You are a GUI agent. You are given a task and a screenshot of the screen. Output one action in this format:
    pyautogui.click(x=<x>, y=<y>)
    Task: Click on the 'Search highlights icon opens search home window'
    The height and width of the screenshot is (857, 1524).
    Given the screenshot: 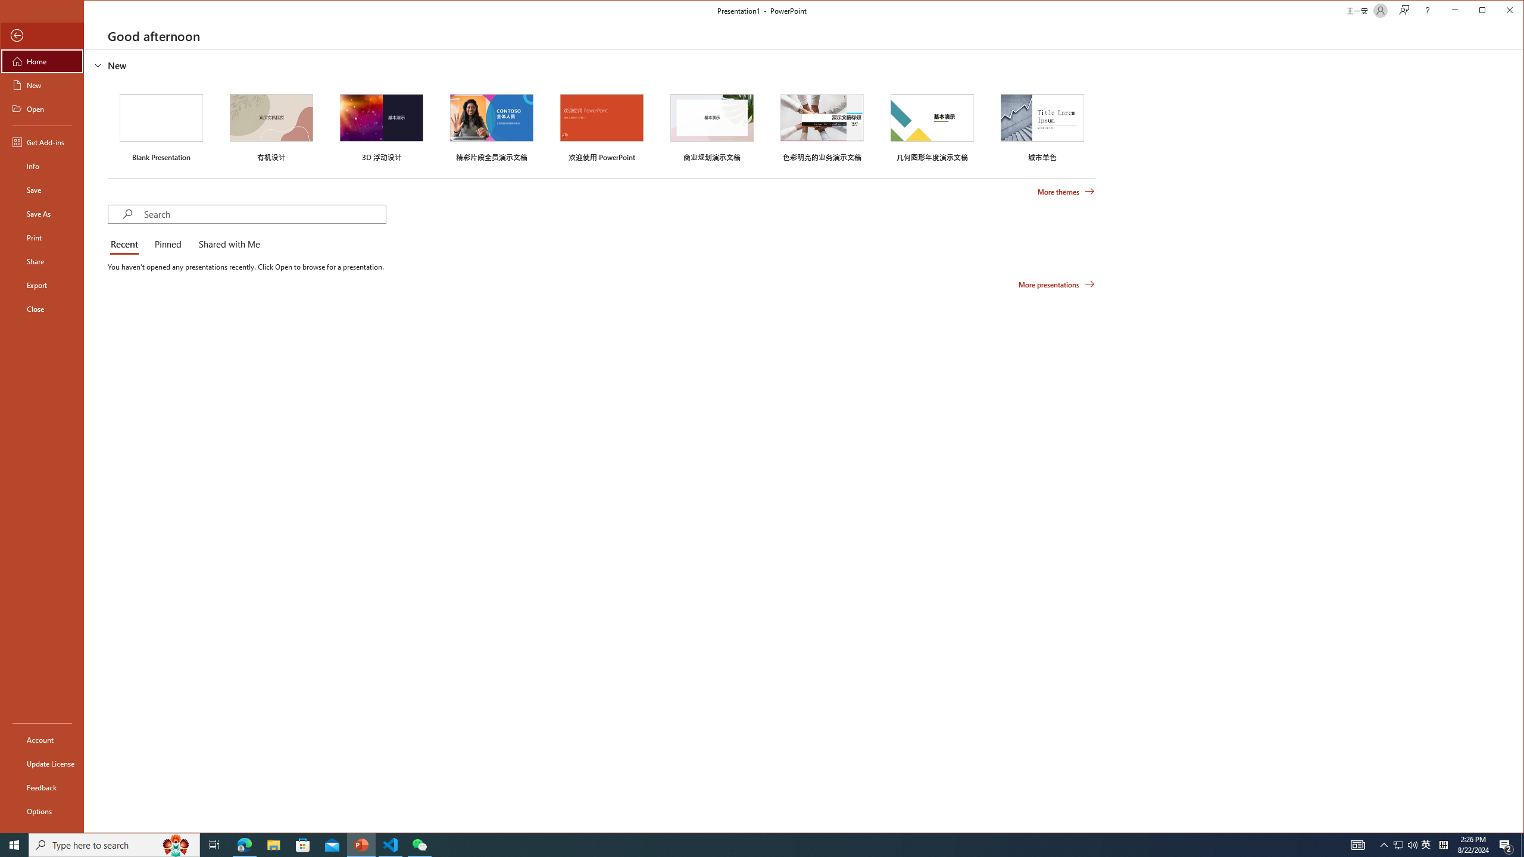 What is the action you would take?
    pyautogui.click(x=175, y=844)
    